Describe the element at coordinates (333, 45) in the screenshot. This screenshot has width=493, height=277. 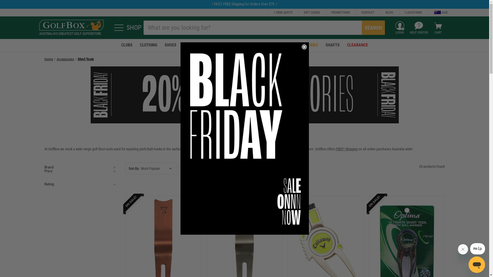
I see `'SHAFTS'` at that location.